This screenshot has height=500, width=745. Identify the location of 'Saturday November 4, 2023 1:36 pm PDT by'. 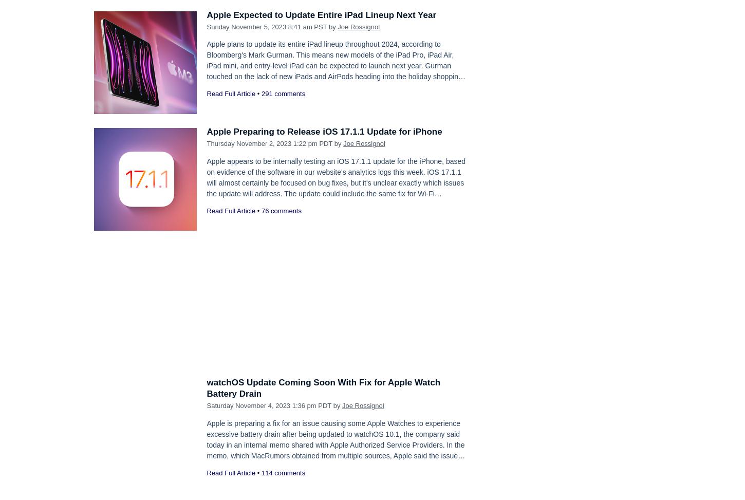
(206, 405).